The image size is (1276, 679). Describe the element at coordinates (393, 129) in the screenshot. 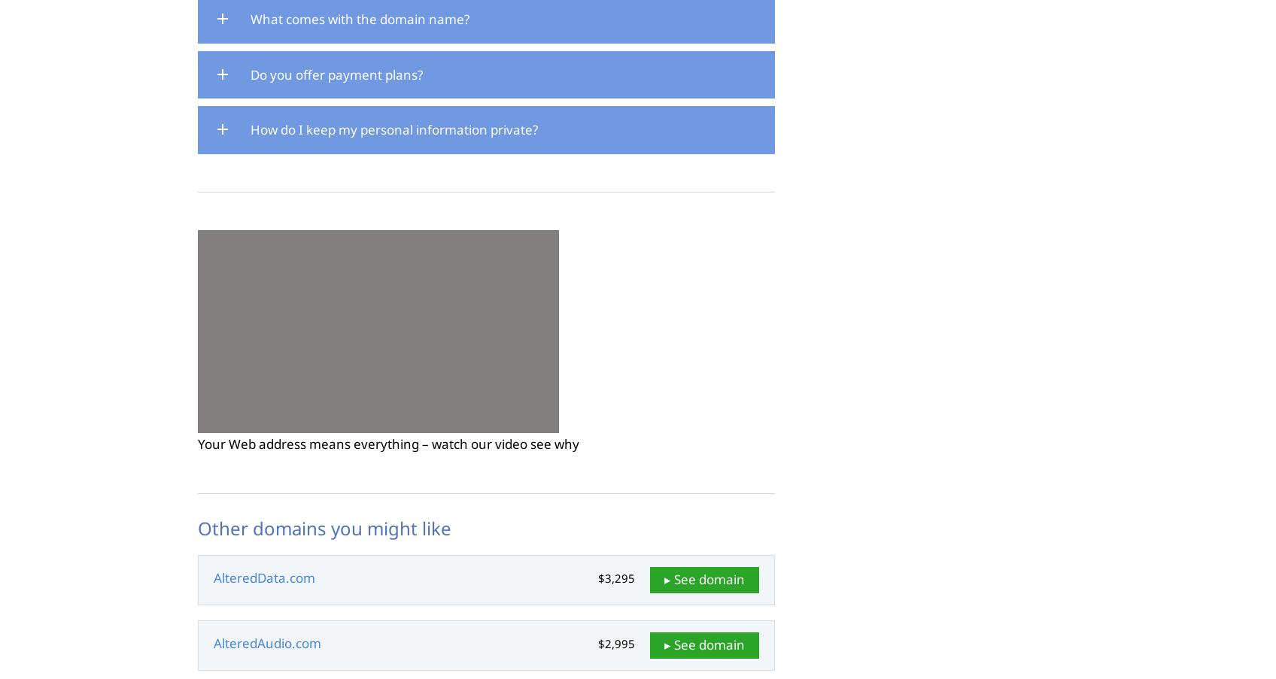

I see `'How do I keep my personal information private?'` at that location.